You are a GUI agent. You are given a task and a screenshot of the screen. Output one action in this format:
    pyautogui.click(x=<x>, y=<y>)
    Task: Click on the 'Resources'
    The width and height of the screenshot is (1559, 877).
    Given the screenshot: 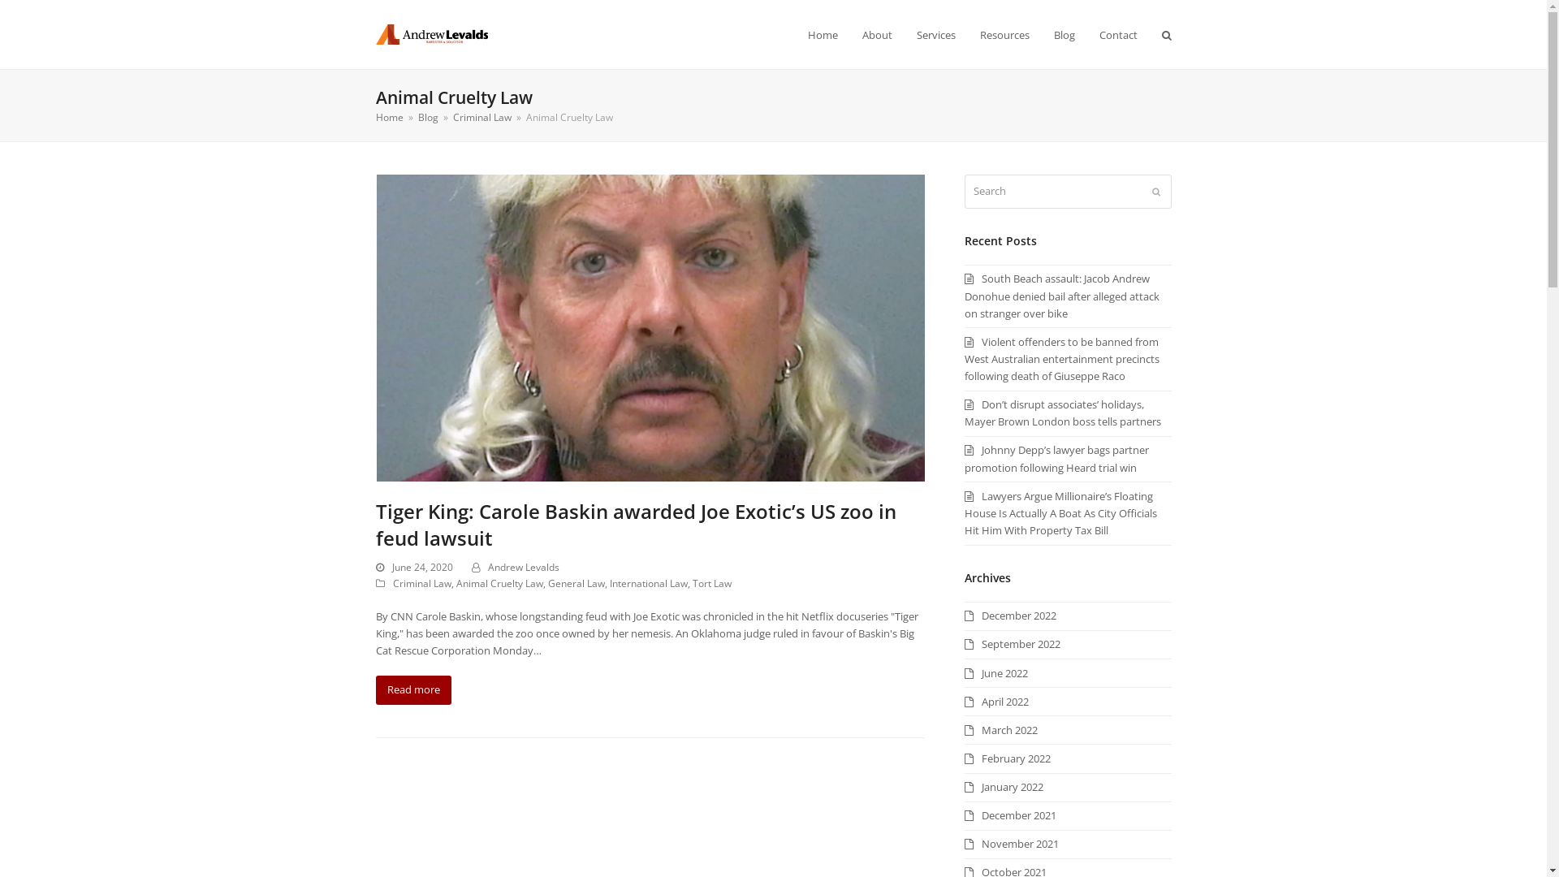 What is the action you would take?
    pyautogui.click(x=1004, y=34)
    